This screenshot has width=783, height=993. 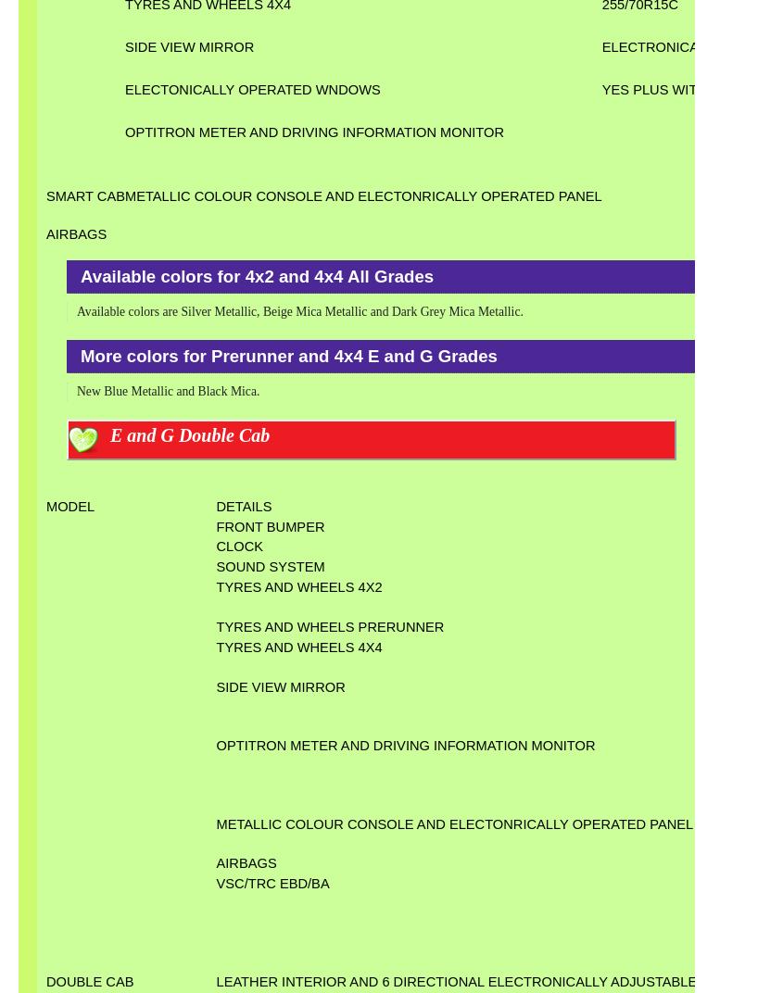 I want to click on 'TYRES 
							   AND WHEELS 4X2', so click(x=298, y=586).